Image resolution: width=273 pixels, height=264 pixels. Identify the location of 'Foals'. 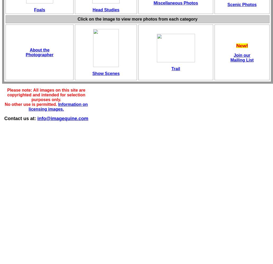
(39, 10).